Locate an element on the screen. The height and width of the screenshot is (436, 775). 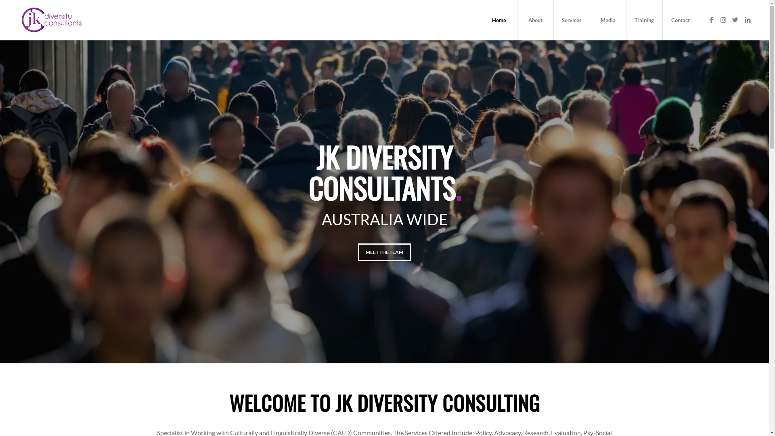
'LinkedIn' is located at coordinates (747, 19).